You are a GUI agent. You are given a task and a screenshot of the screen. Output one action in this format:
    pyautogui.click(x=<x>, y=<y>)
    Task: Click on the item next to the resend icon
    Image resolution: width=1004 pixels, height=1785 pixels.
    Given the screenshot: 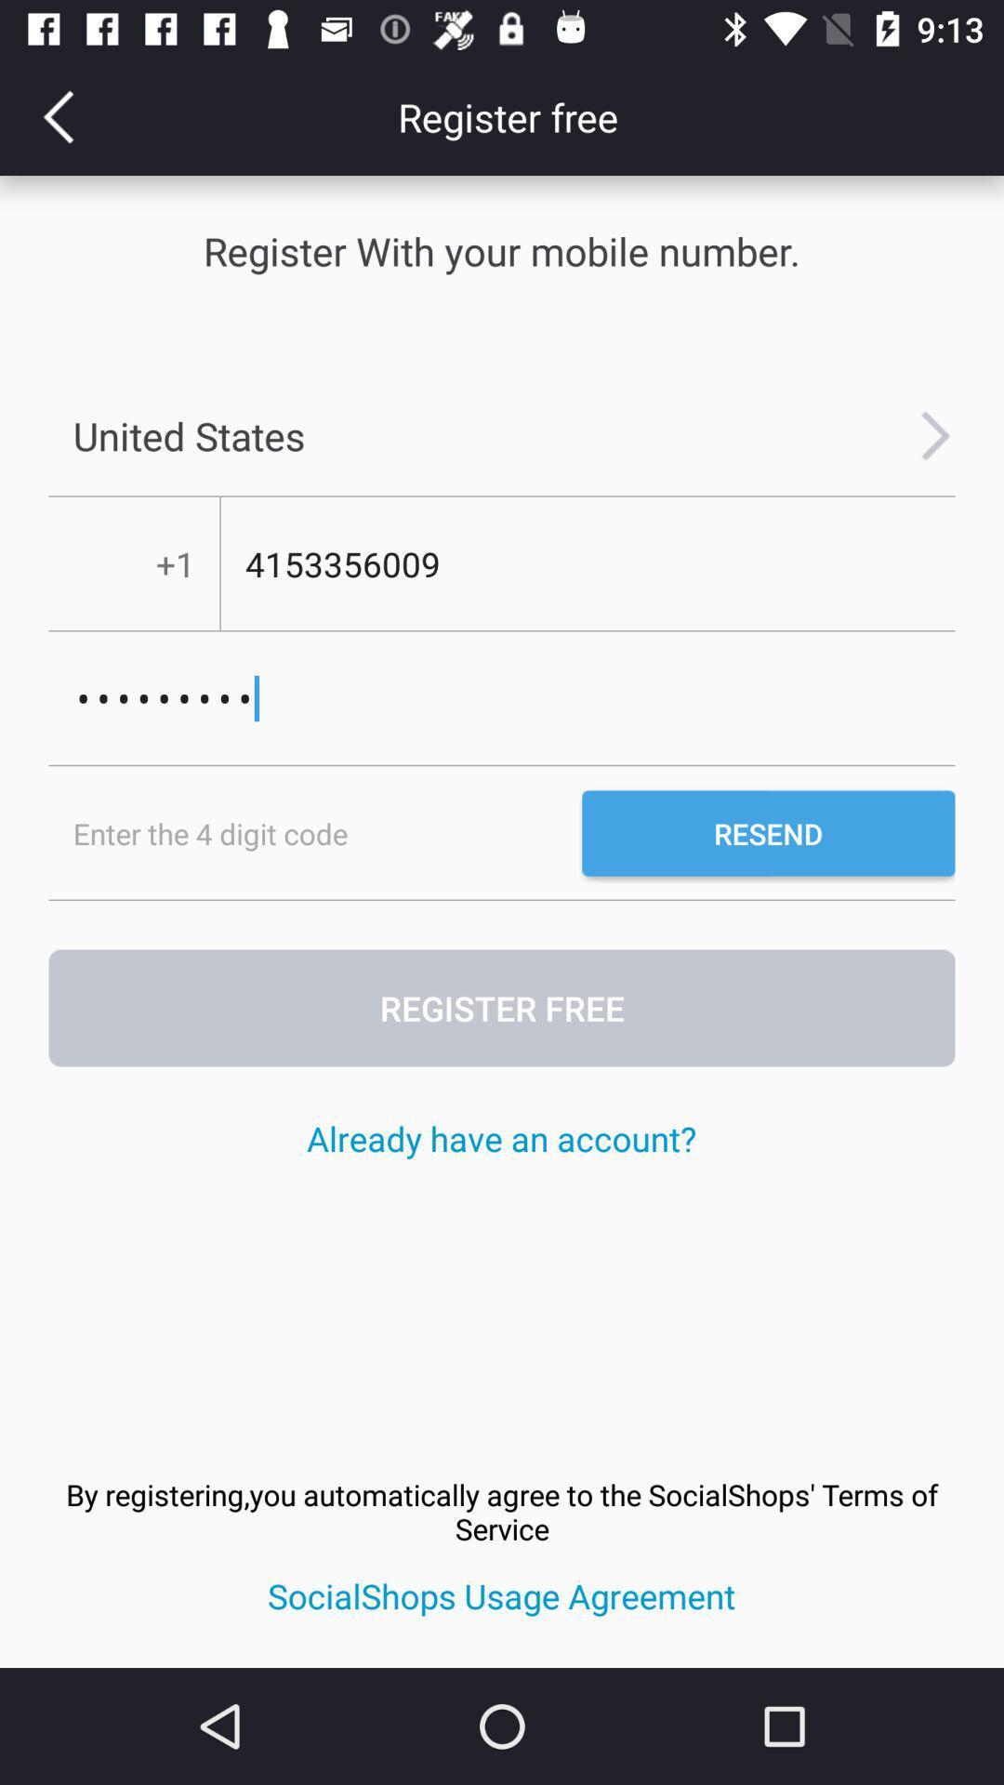 What is the action you would take?
    pyautogui.click(x=314, y=832)
    